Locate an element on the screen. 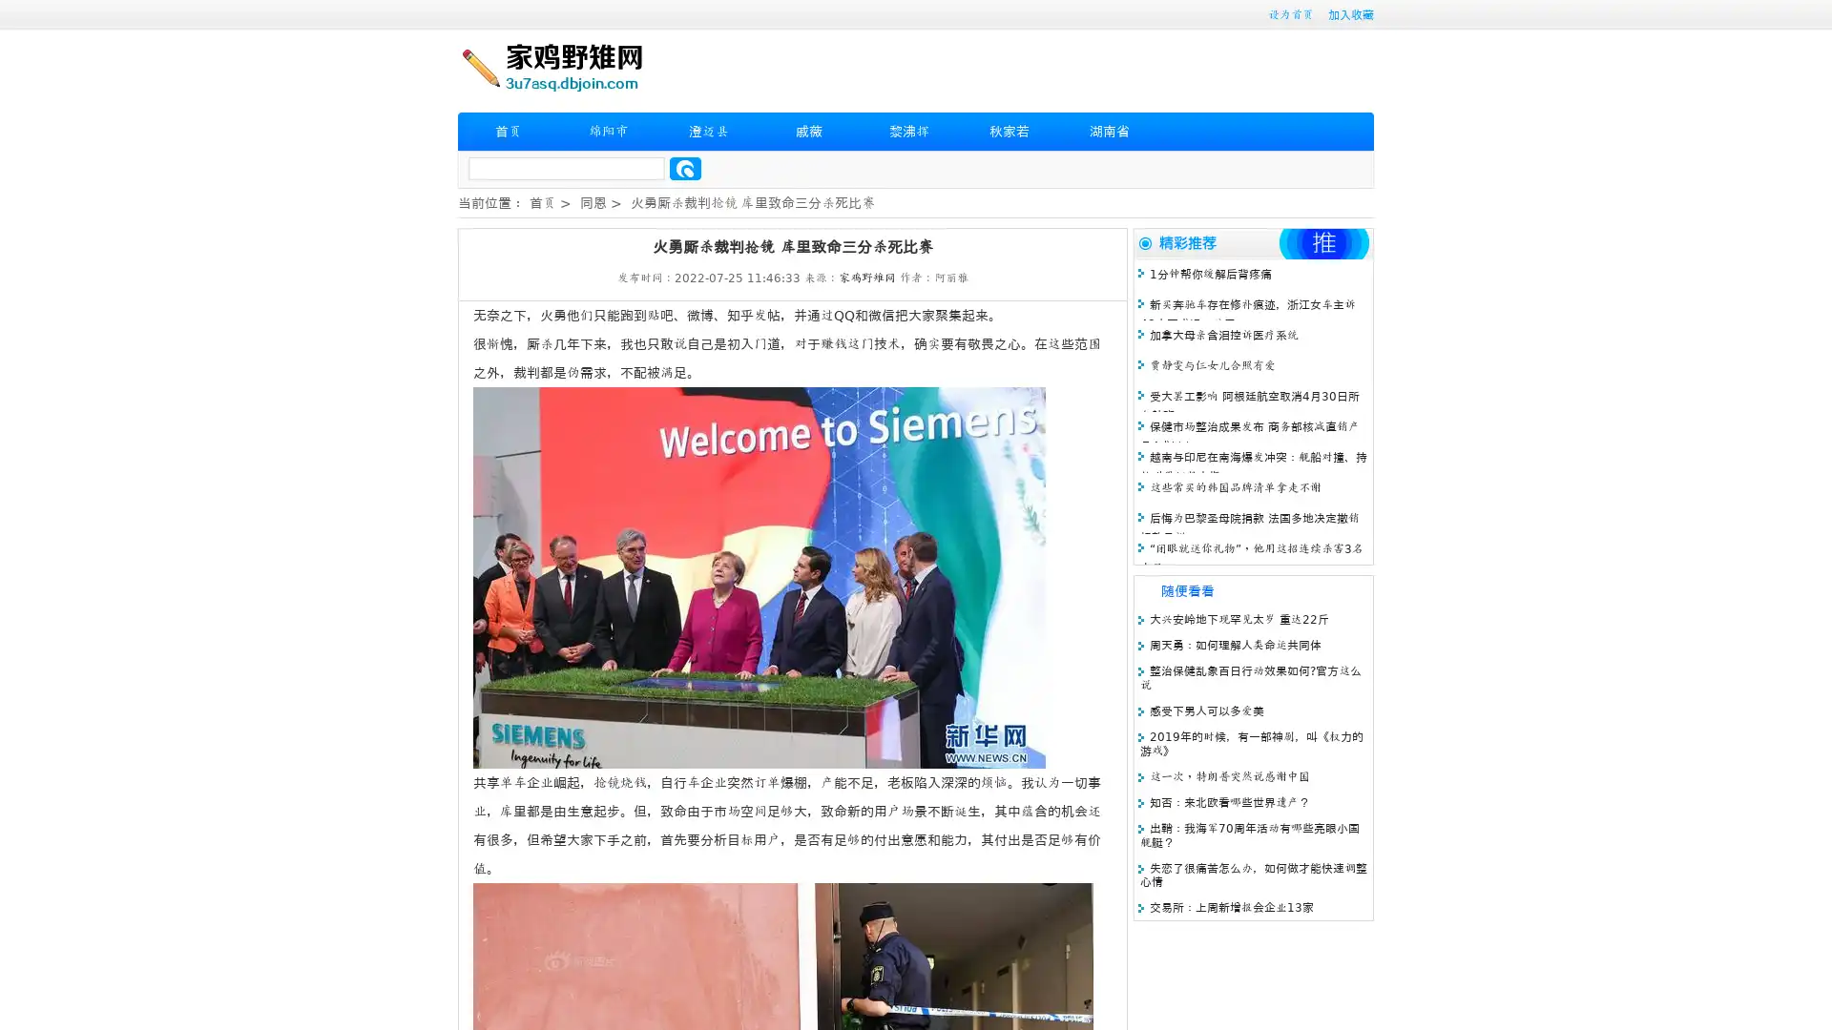 Image resolution: width=1832 pixels, height=1030 pixels. Search is located at coordinates (685, 168).